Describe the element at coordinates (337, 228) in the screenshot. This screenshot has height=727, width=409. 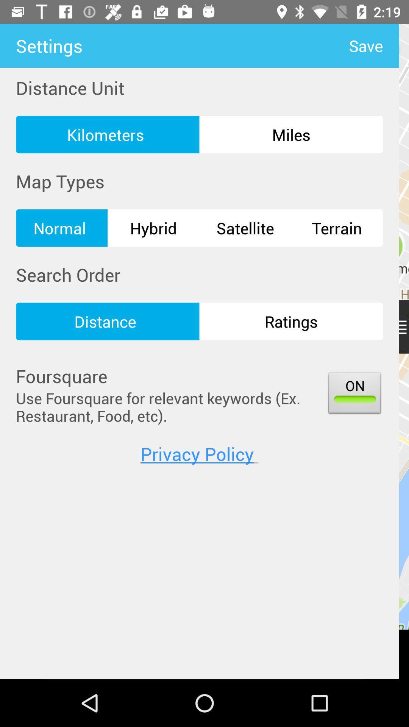
I see `item next to satellite item` at that location.